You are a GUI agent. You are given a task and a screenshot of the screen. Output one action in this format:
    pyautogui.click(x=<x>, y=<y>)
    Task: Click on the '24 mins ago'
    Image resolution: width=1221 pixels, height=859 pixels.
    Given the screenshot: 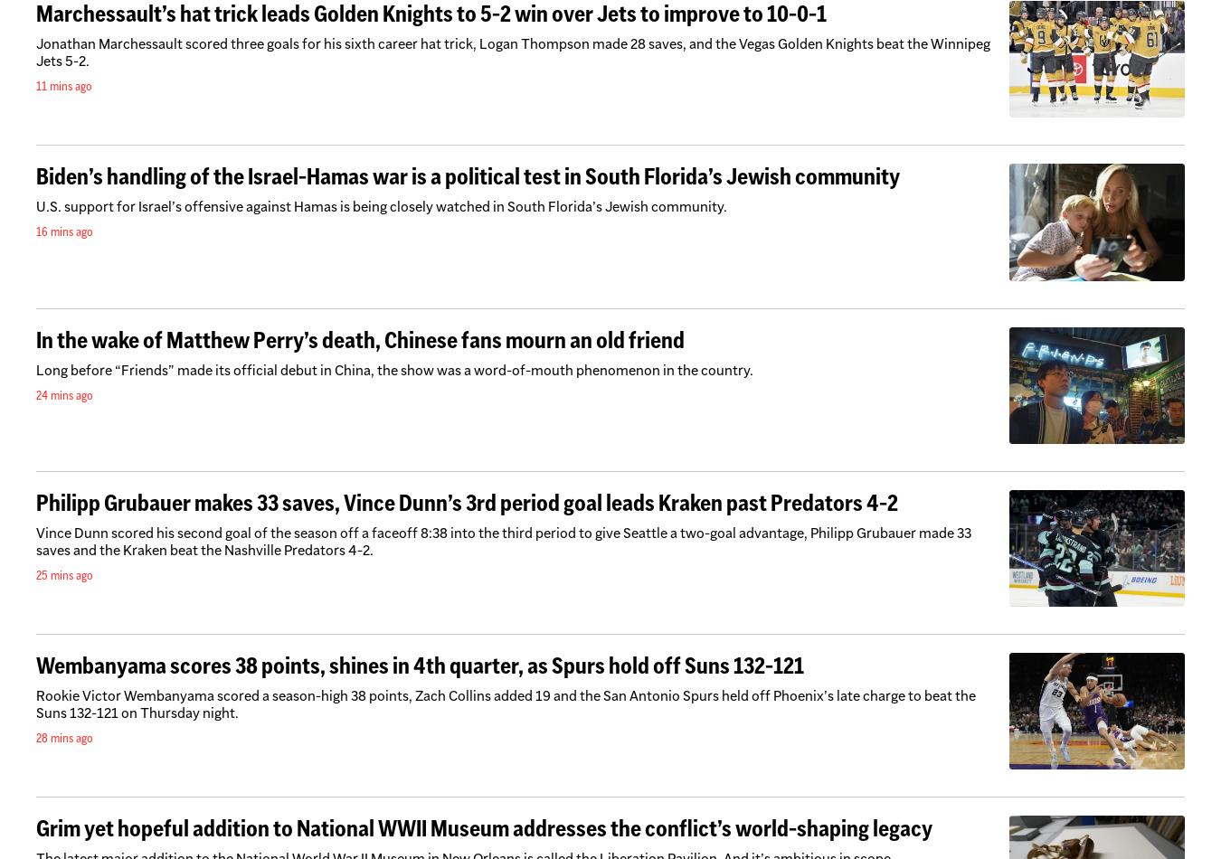 What is the action you would take?
    pyautogui.click(x=63, y=392)
    